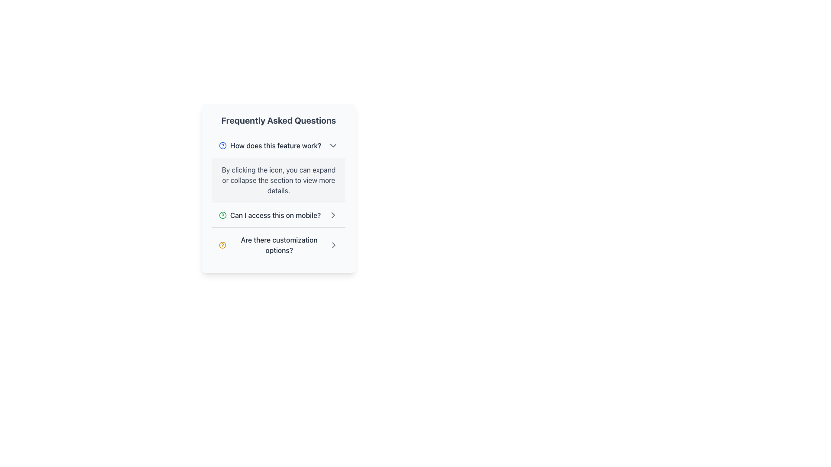  I want to click on the graphical decoration circle located in the top row of the FAQ section, to the left of the text 'How does this feature work?', so click(222, 245).